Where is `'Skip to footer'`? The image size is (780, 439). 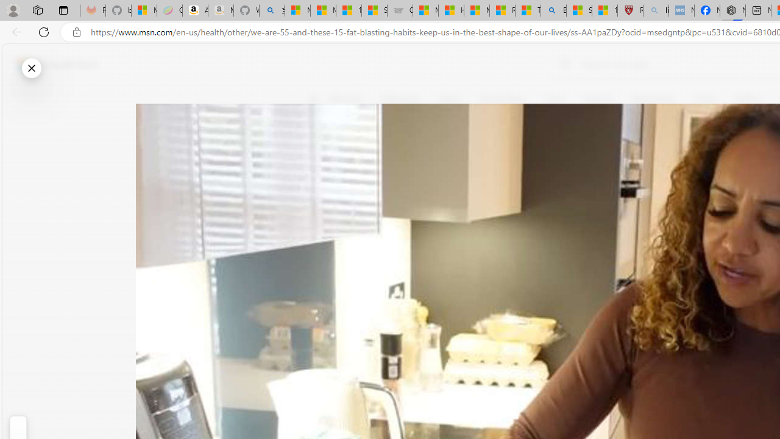
'Skip to footer' is located at coordinates (49, 64).